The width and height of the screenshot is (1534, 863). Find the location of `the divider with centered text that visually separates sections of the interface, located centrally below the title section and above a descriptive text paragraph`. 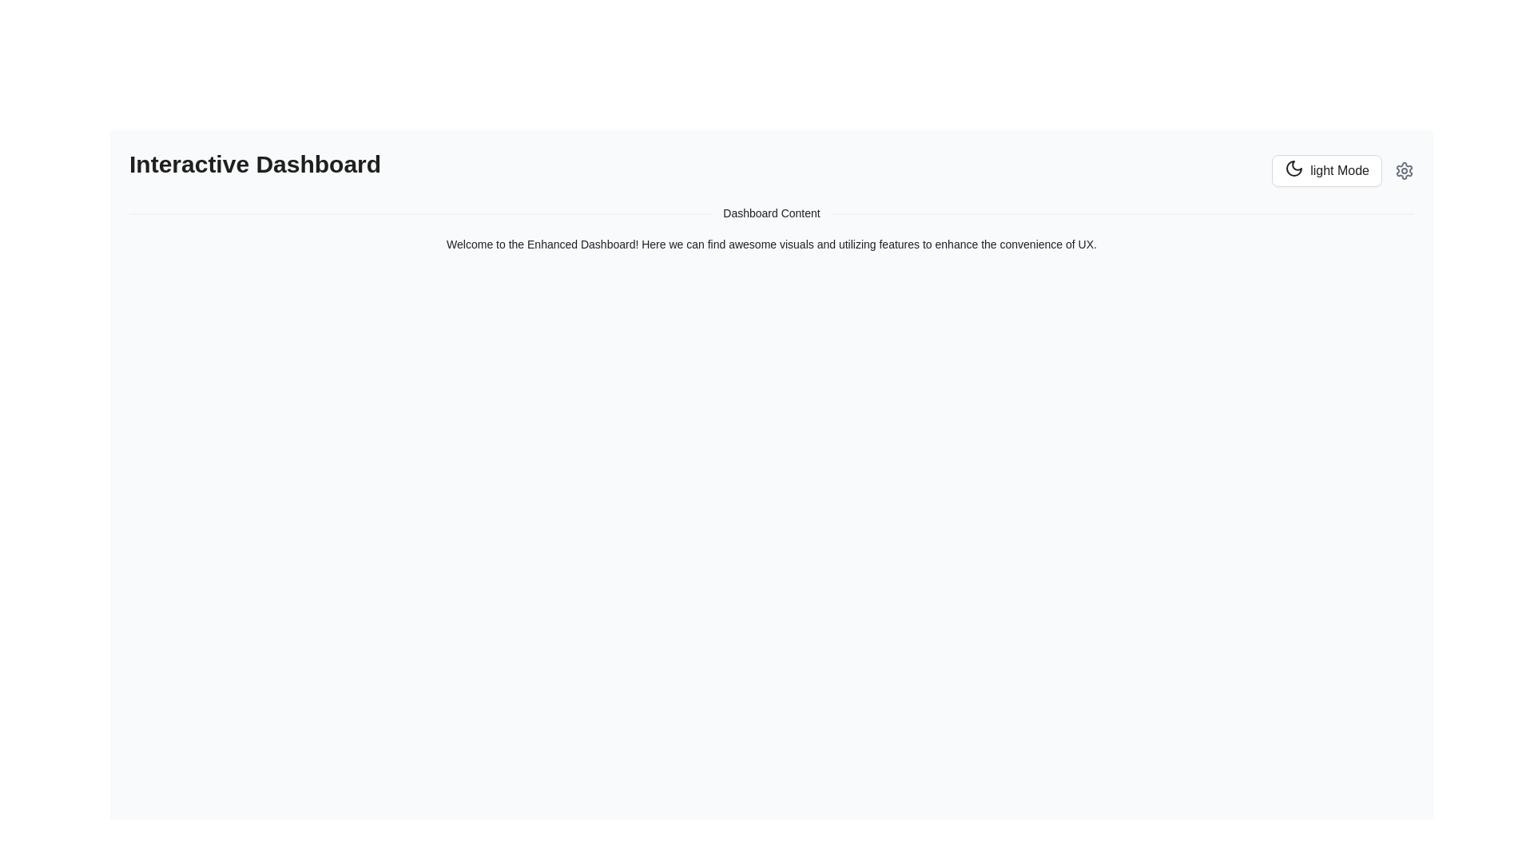

the divider with centered text that visually separates sections of the interface, located centrally below the title section and above a descriptive text paragraph is located at coordinates (771, 212).